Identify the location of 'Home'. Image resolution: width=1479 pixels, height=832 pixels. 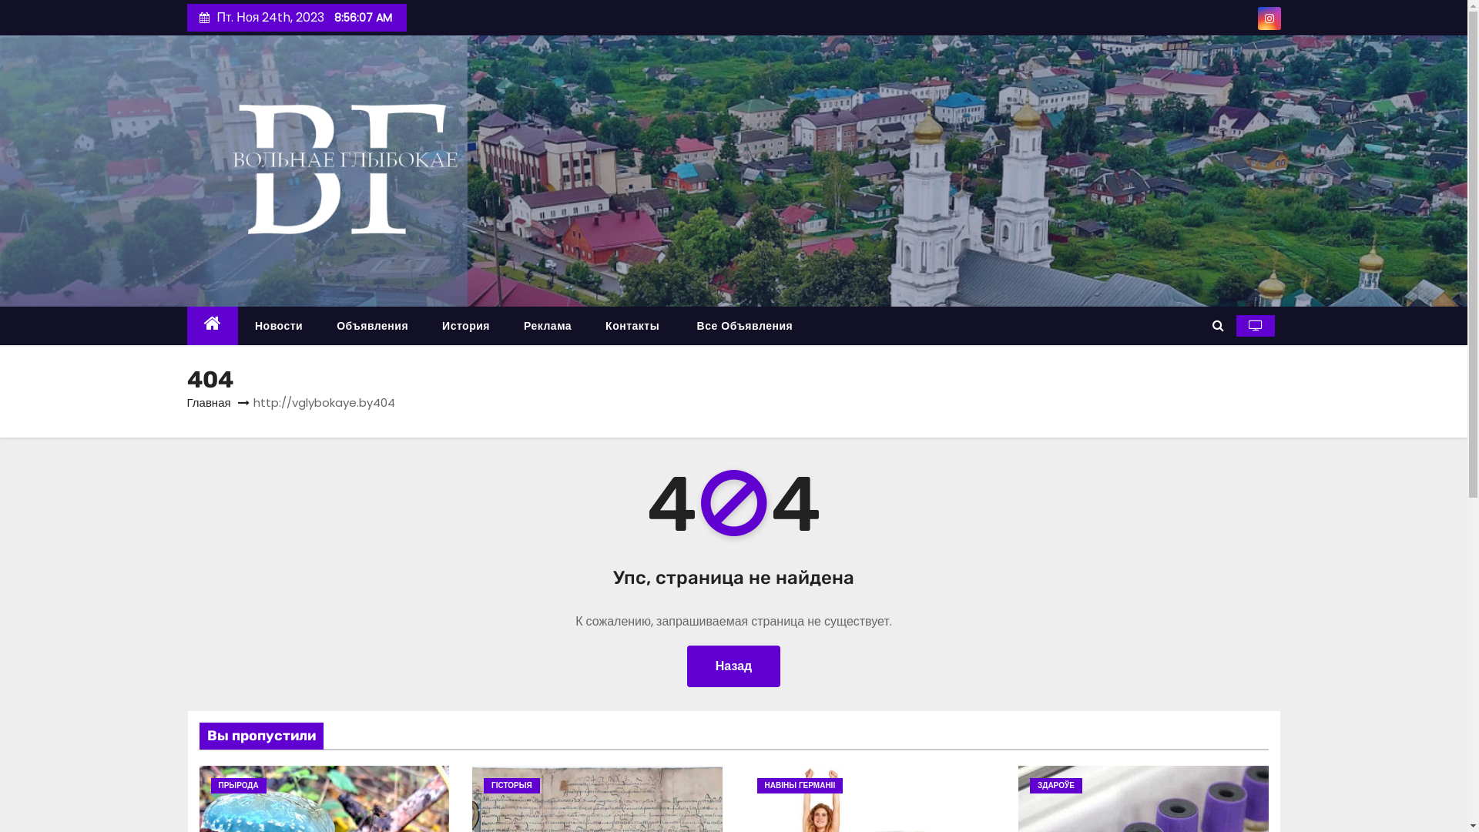
(211, 325).